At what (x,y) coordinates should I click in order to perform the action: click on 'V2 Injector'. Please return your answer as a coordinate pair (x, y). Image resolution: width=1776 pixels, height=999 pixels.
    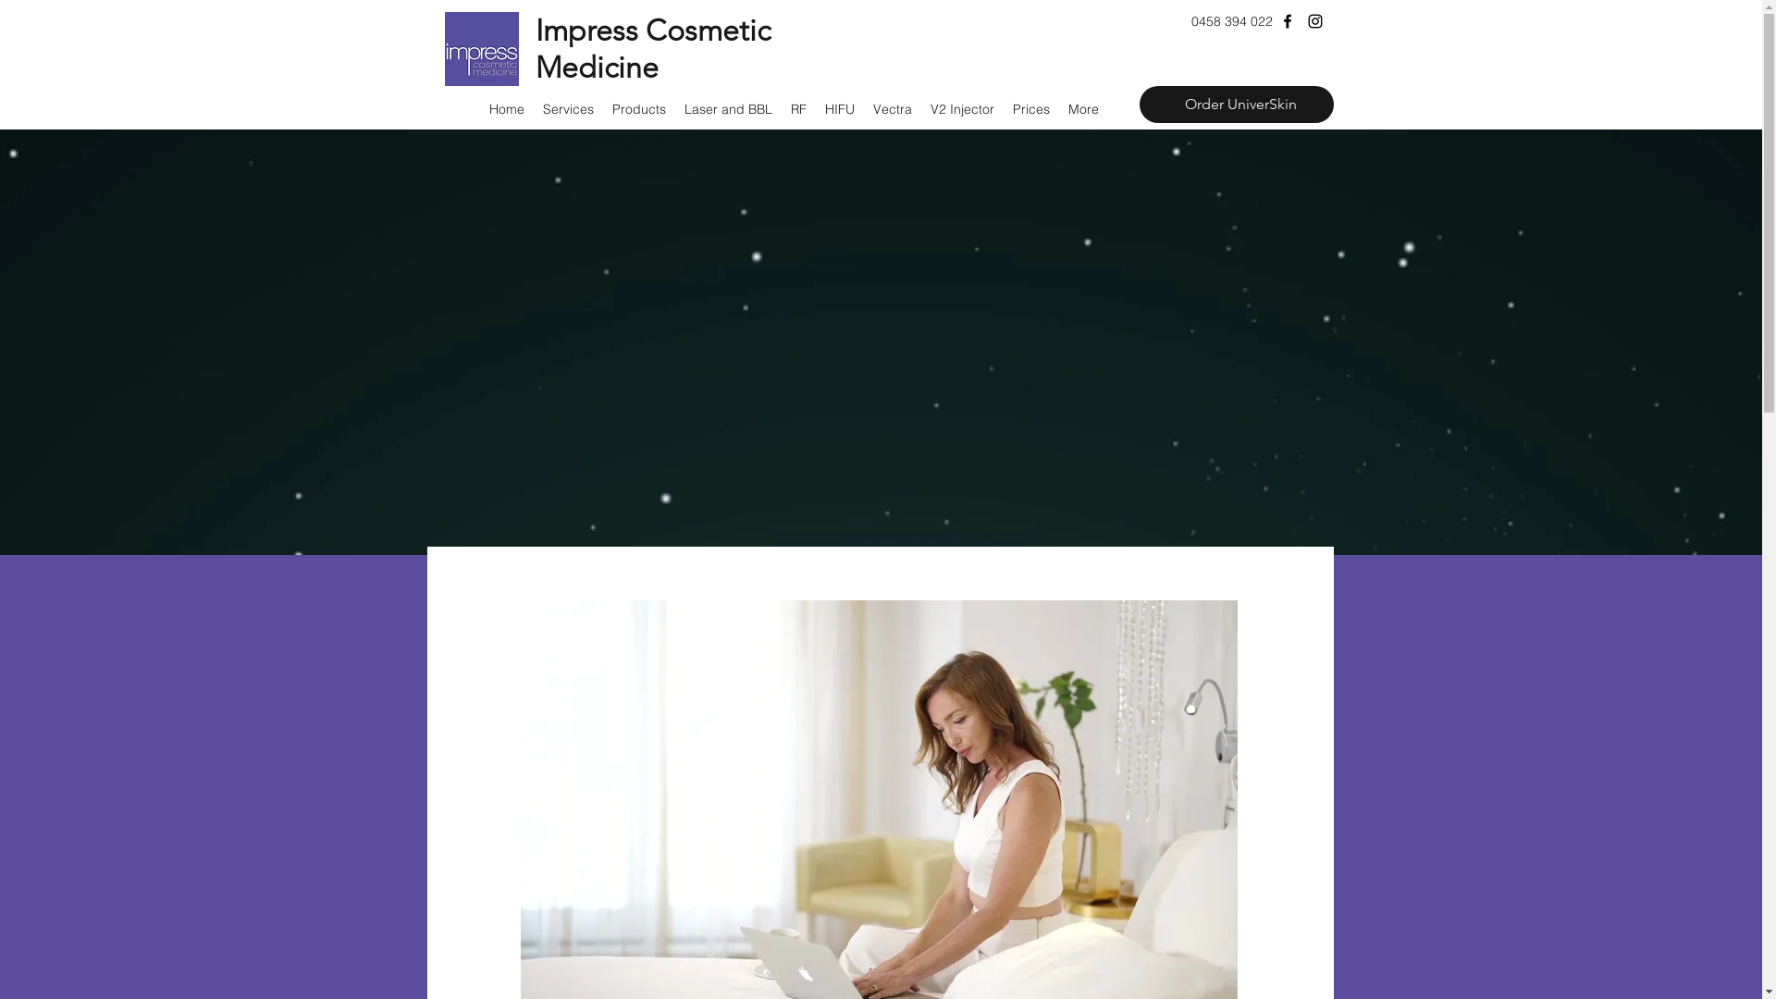
    Looking at the image, I should click on (962, 109).